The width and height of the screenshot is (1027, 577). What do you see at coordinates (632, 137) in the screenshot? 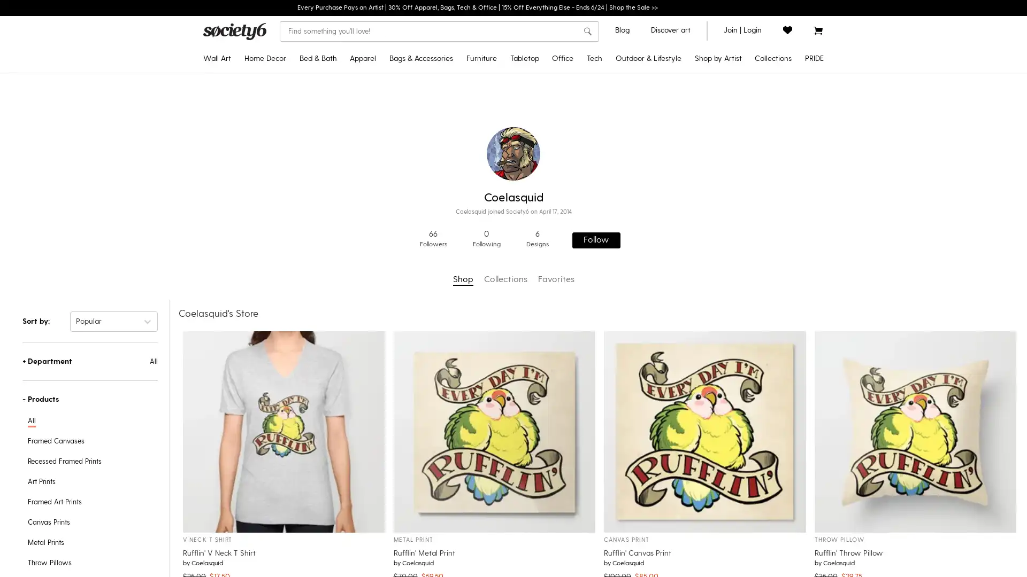
I see `Android Wallet Cases` at bounding box center [632, 137].